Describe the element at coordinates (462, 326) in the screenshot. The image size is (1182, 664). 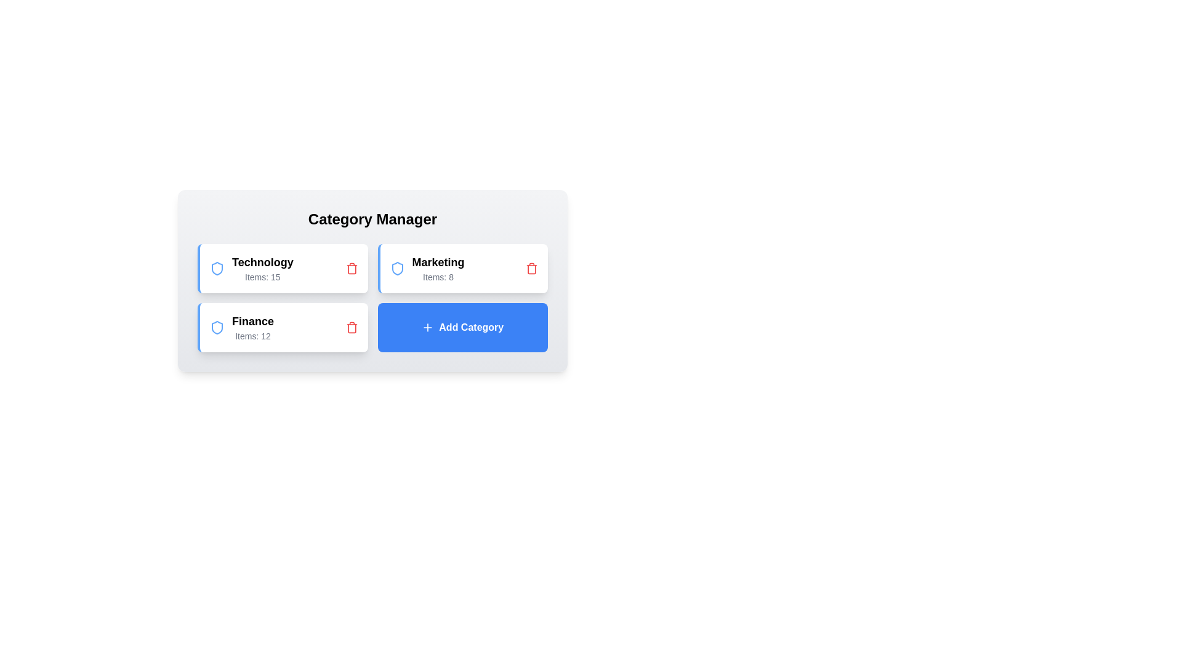
I see `'Add Category' button to create a new category` at that location.